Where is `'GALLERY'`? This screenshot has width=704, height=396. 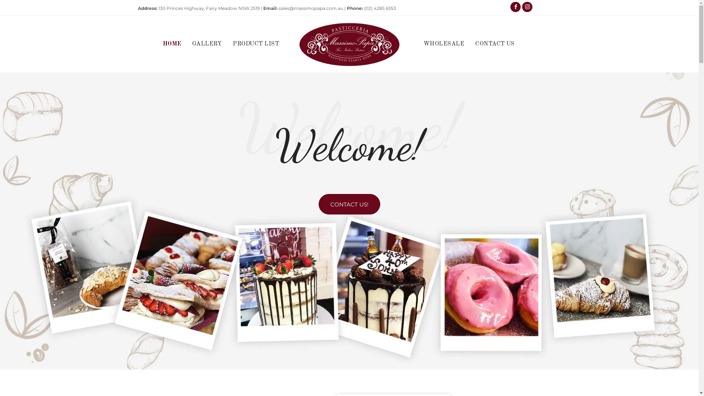 'GALLERY' is located at coordinates (186, 44).